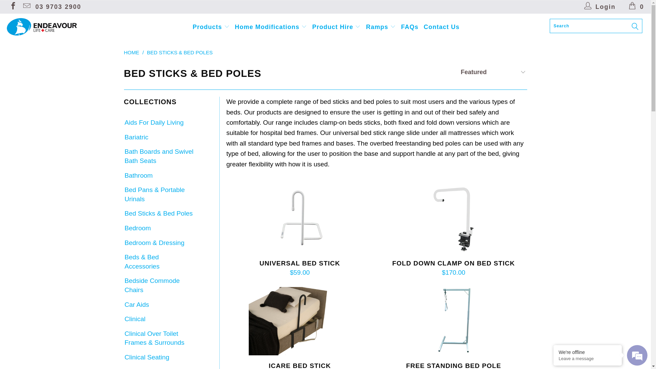 The width and height of the screenshot is (656, 369). I want to click on 'Endeavour Life Care on Facebook', so click(8, 6).